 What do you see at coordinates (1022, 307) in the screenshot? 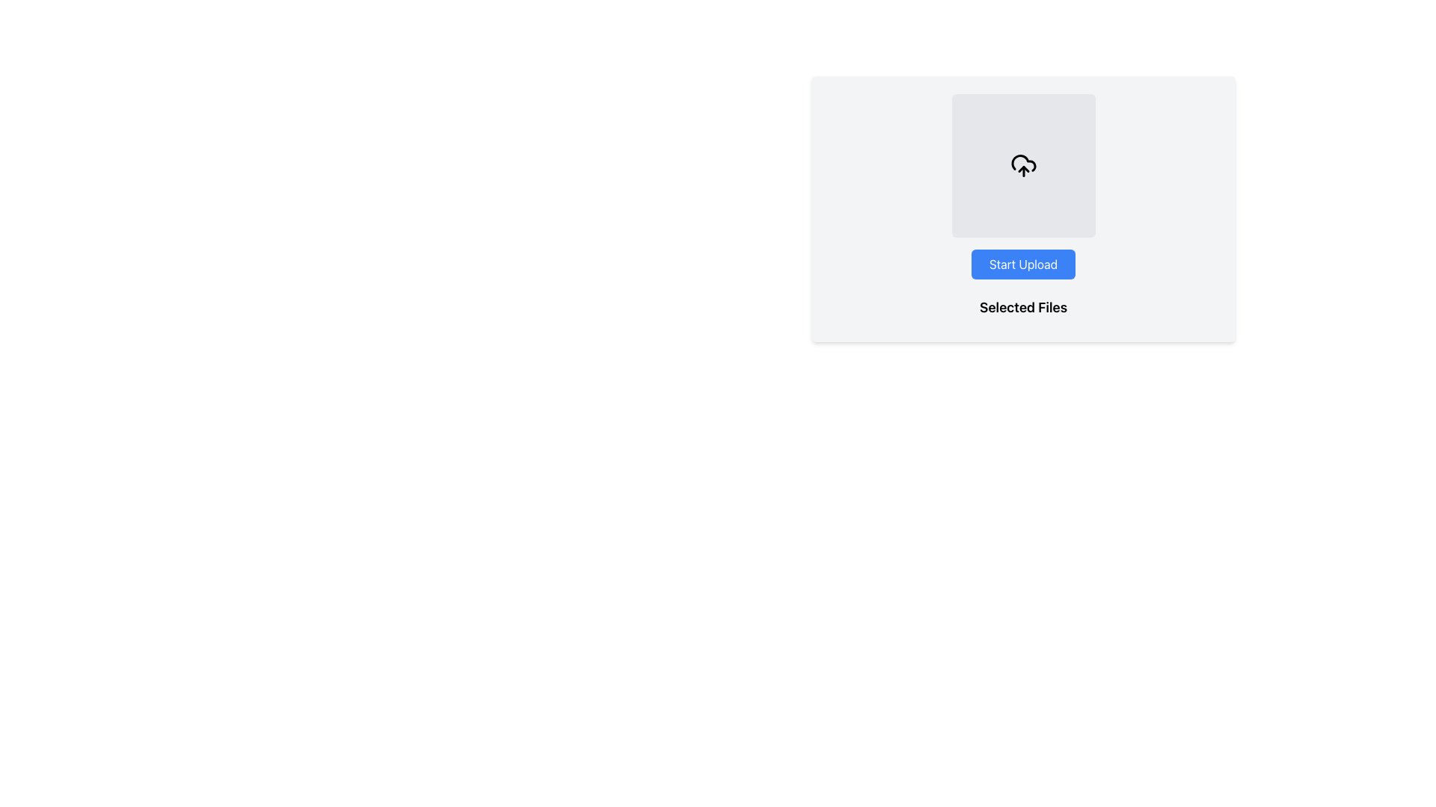
I see `the text element that signifies the section for file uploads, located below the blue 'Start Upload' button` at bounding box center [1022, 307].